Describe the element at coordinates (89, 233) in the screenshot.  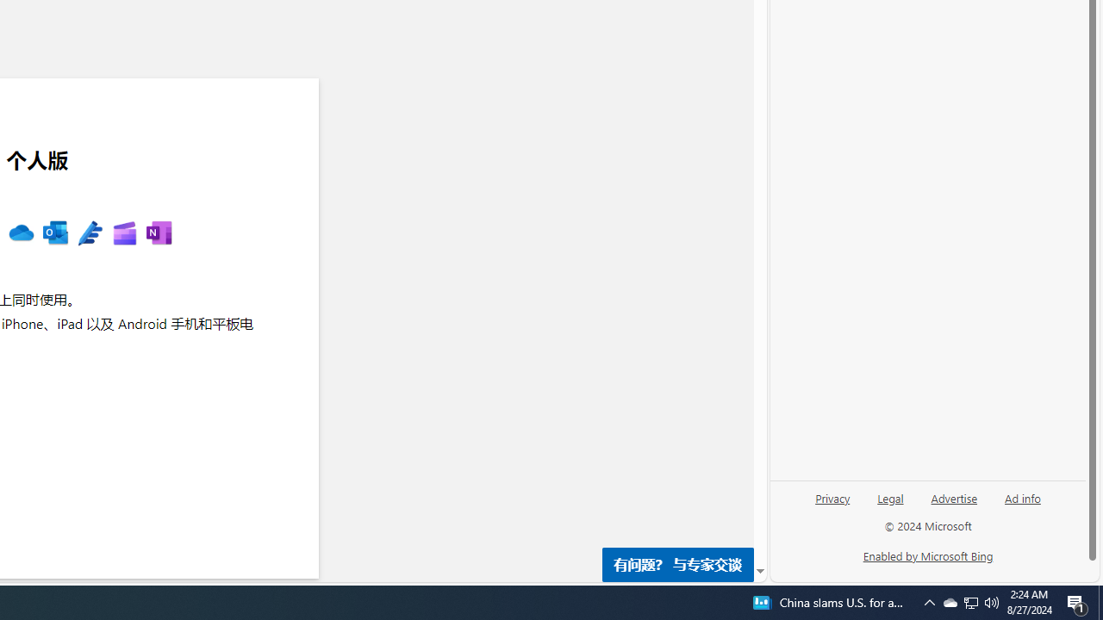
I see `'MS Editor'` at that location.